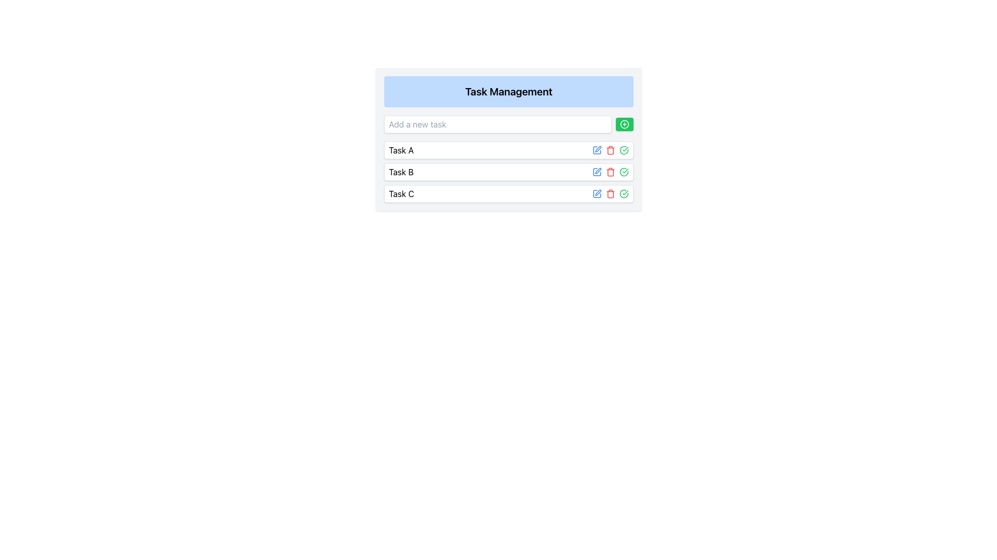 The width and height of the screenshot is (997, 560). What do you see at coordinates (611, 150) in the screenshot?
I see `the delete icon button associated with 'Task A' to initiate the deletion of the task` at bounding box center [611, 150].